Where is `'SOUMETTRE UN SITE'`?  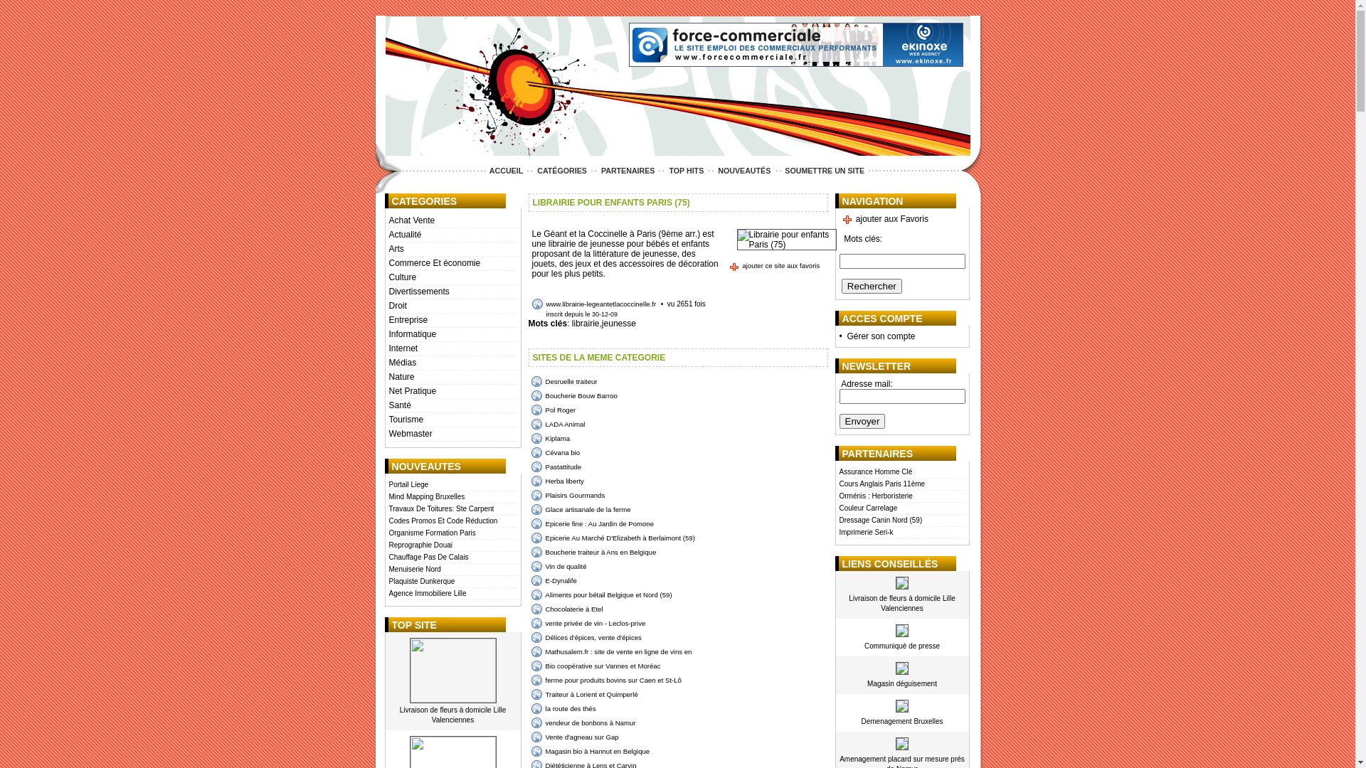
'SOUMETTRE UN SITE' is located at coordinates (824, 169).